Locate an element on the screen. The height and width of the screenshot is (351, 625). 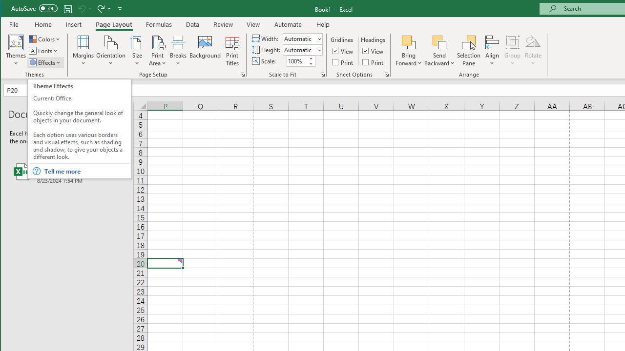
'Bring Forward' is located at coordinates (409, 41).